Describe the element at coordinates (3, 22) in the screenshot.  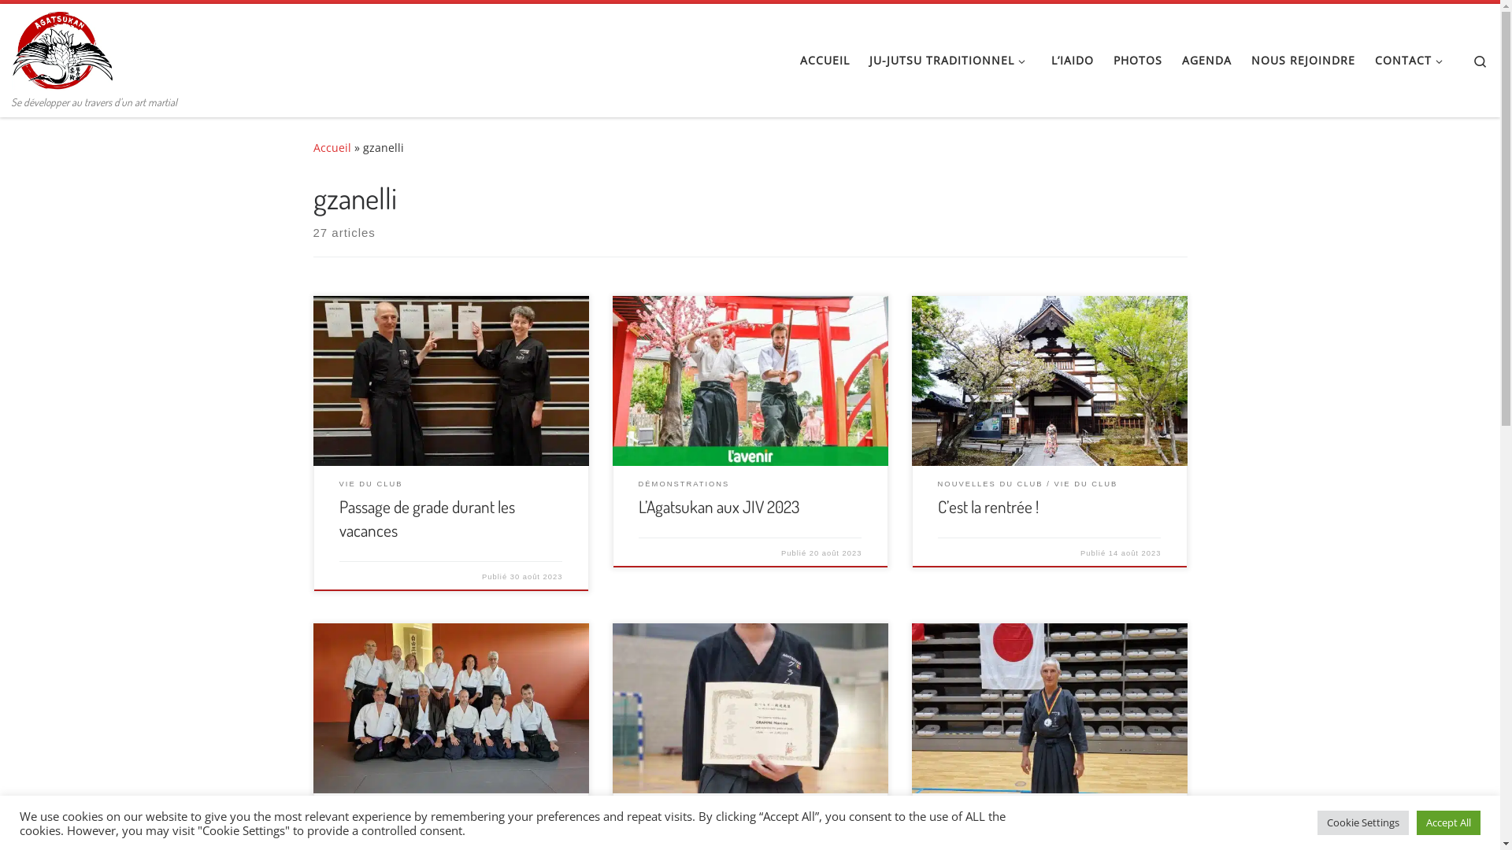
I see `'Skip to content'` at that location.